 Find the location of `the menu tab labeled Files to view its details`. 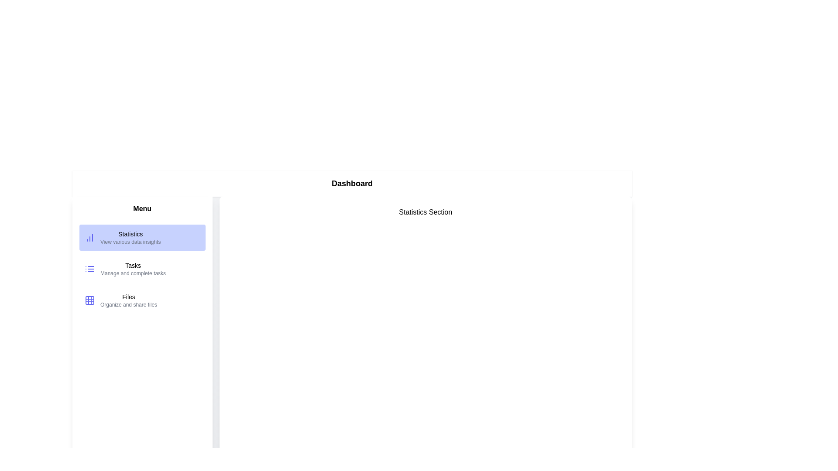

the menu tab labeled Files to view its details is located at coordinates (142, 300).